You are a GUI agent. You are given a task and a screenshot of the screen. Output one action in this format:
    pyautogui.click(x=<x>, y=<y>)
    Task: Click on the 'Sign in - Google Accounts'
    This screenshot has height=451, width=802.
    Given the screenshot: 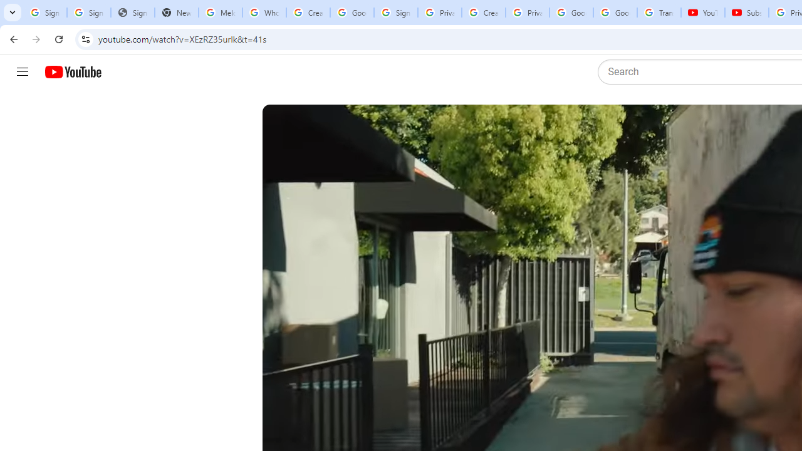 What is the action you would take?
    pyautogui.click(x=395, y=13)
    